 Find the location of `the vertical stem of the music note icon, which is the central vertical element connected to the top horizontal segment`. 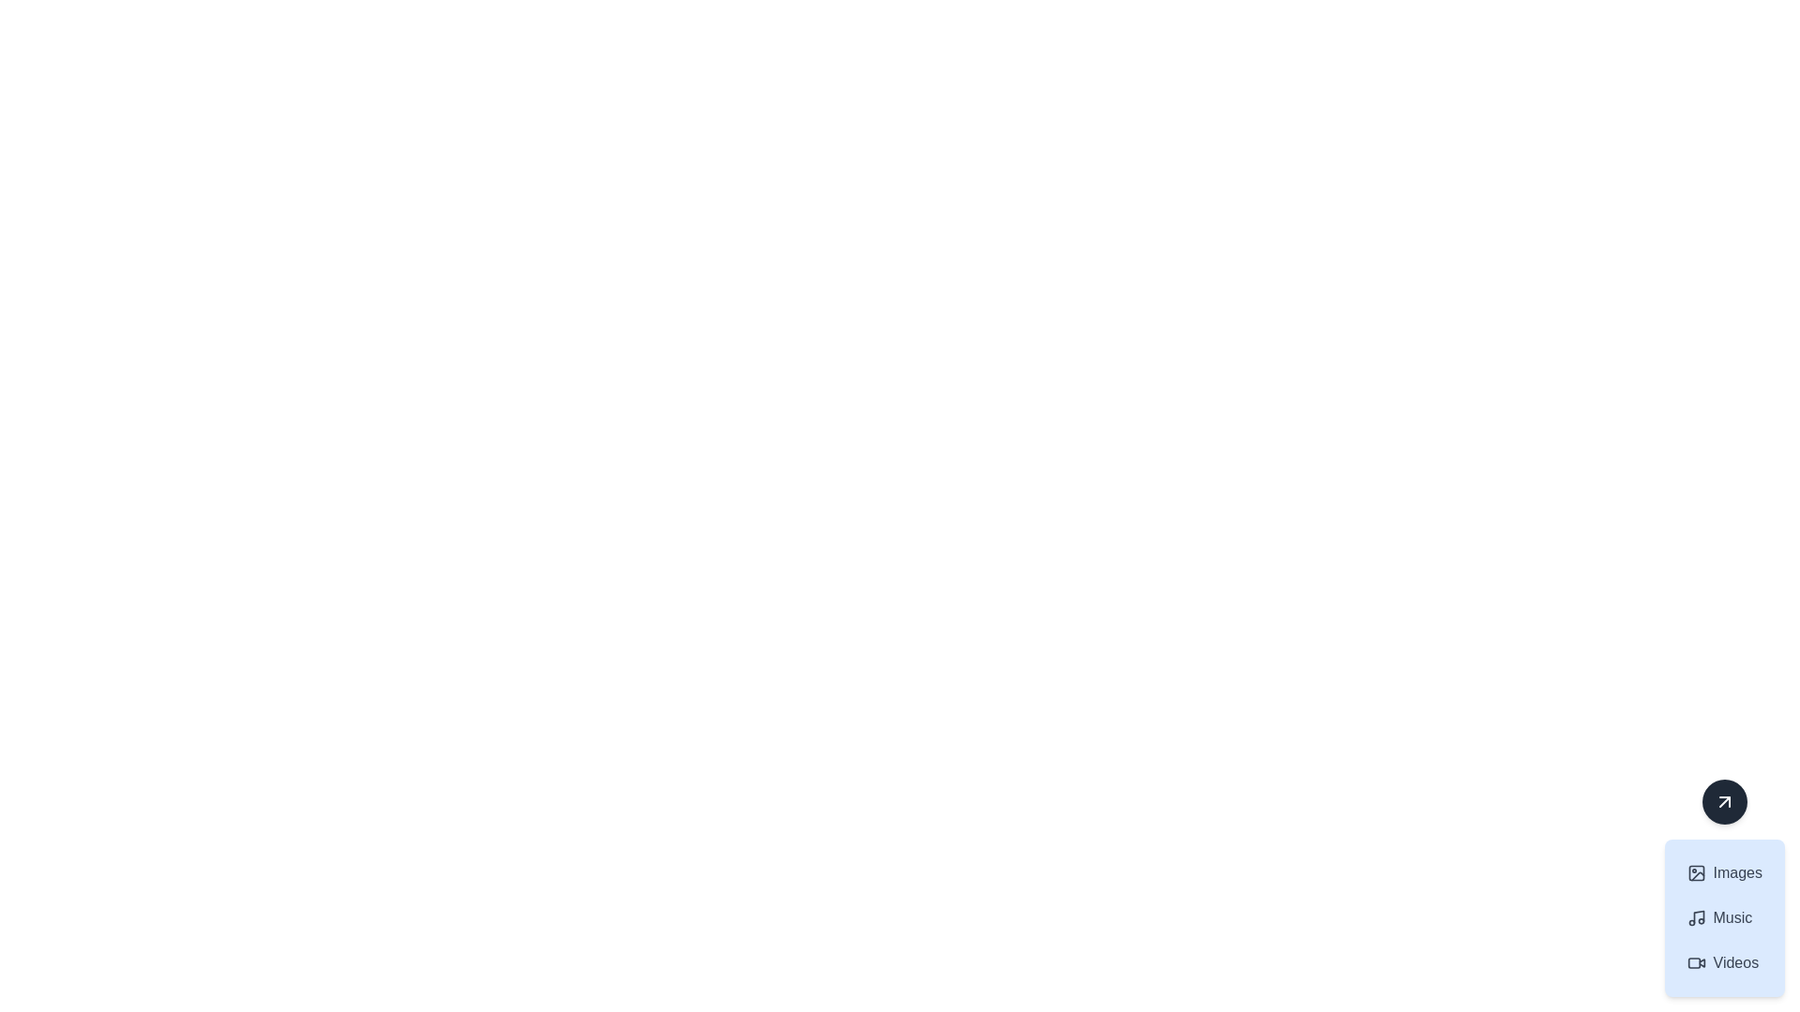

the vertical stem of the music note icon, which is the central vertical element connected to the top horizontal segment is located at coordinates (1699, 915).